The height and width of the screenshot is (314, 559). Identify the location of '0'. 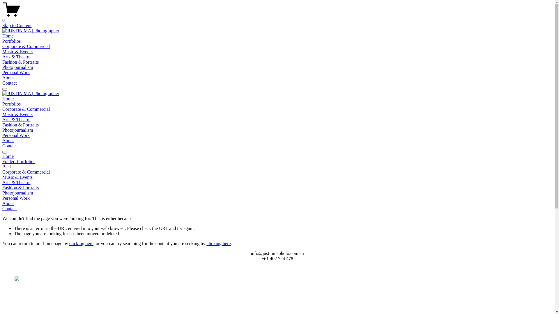
(277, 17).